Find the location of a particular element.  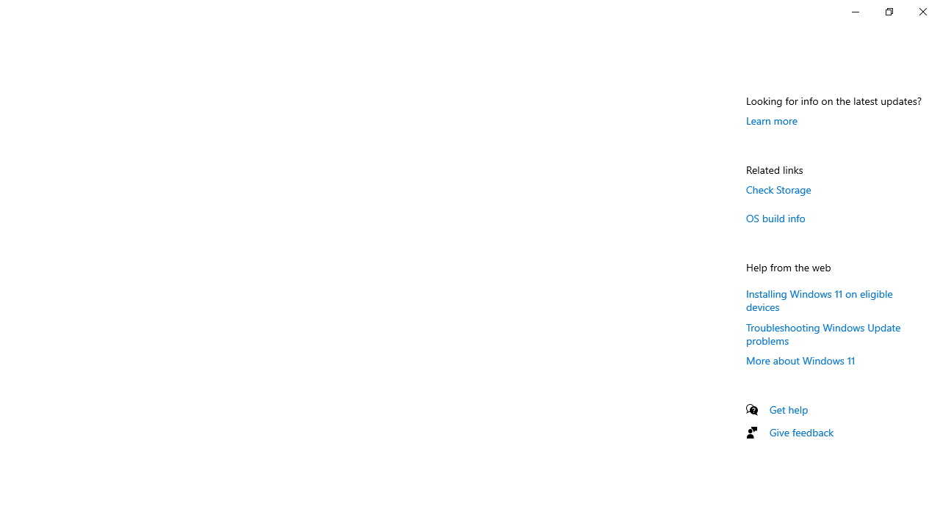

'Troubleshooting Windows Update problems' is located at coordinates (823, 334).